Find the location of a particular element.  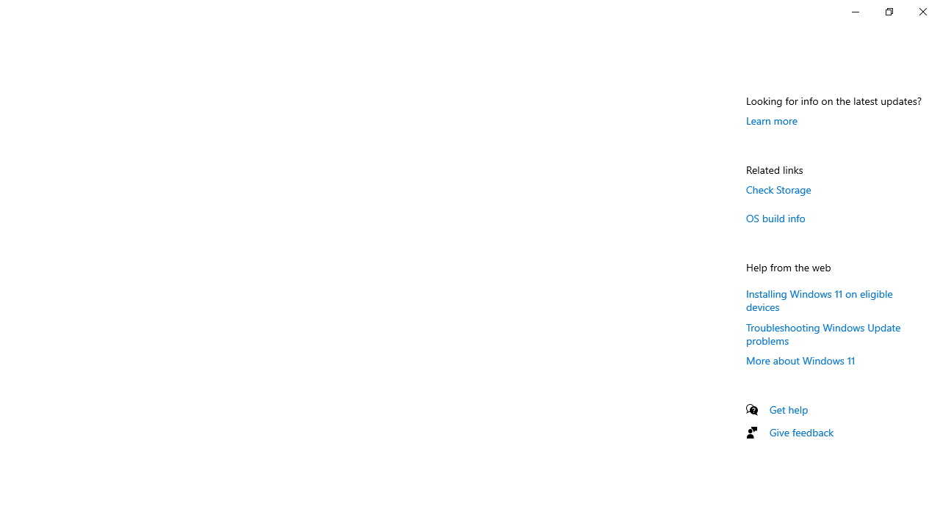

'Troubleshooting Windows Update problems' is located at coordinates (823, 334).